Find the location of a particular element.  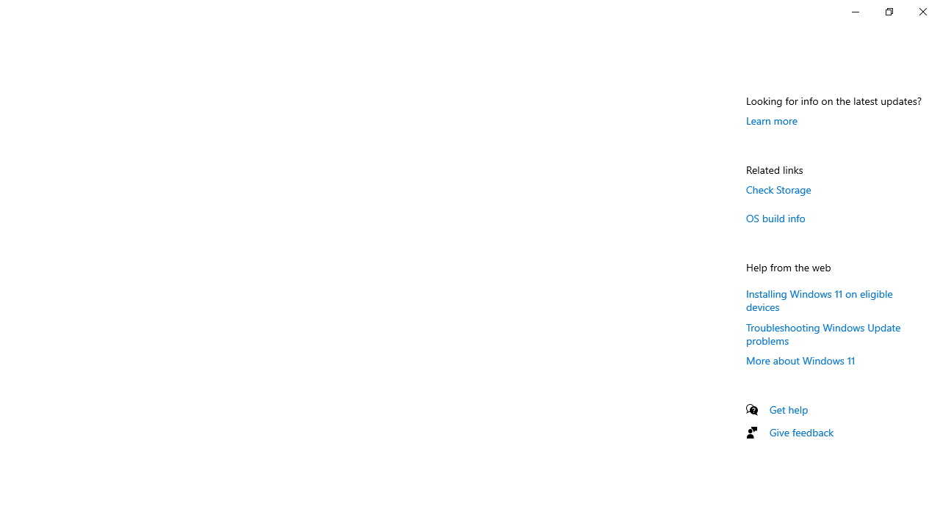

'Troubleshooting Windows Update problems' is located at coordinates (823, 334).